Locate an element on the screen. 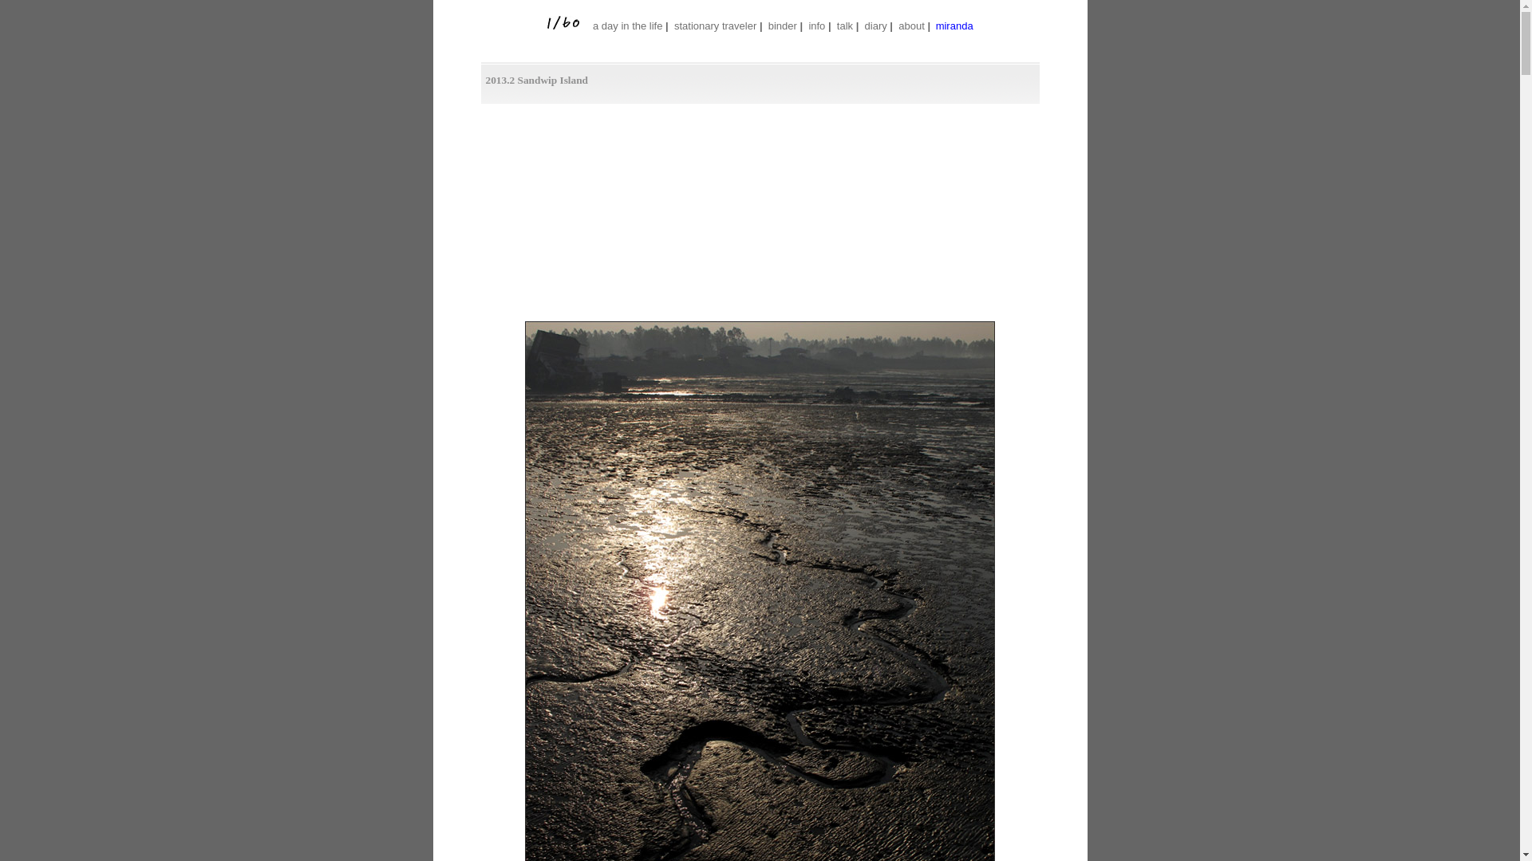 The height and width of the screenshot is (861, 1532). 'talk' is located at coordinates (844, 26).